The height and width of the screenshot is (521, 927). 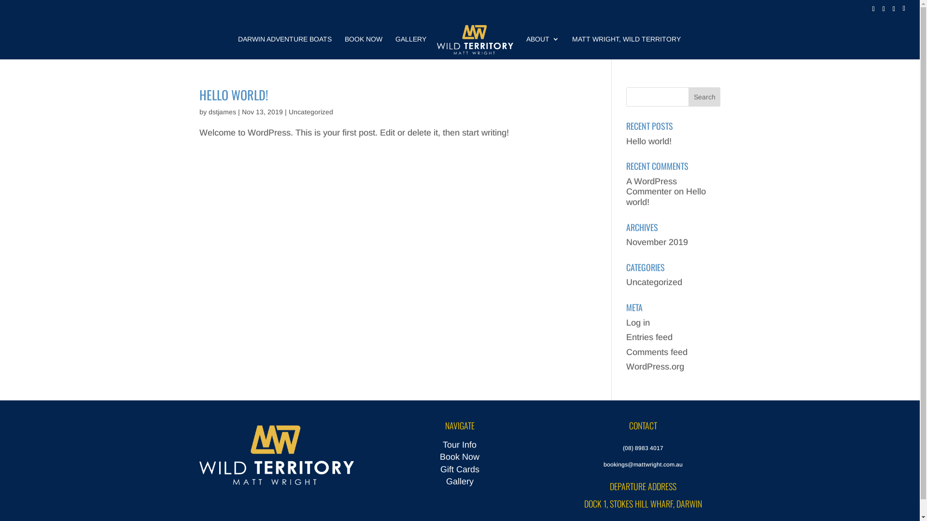 What do you see at coordinates (649, 141) in the screenshot?
I see `'Hello world!'` at bounding box center [649, 141].